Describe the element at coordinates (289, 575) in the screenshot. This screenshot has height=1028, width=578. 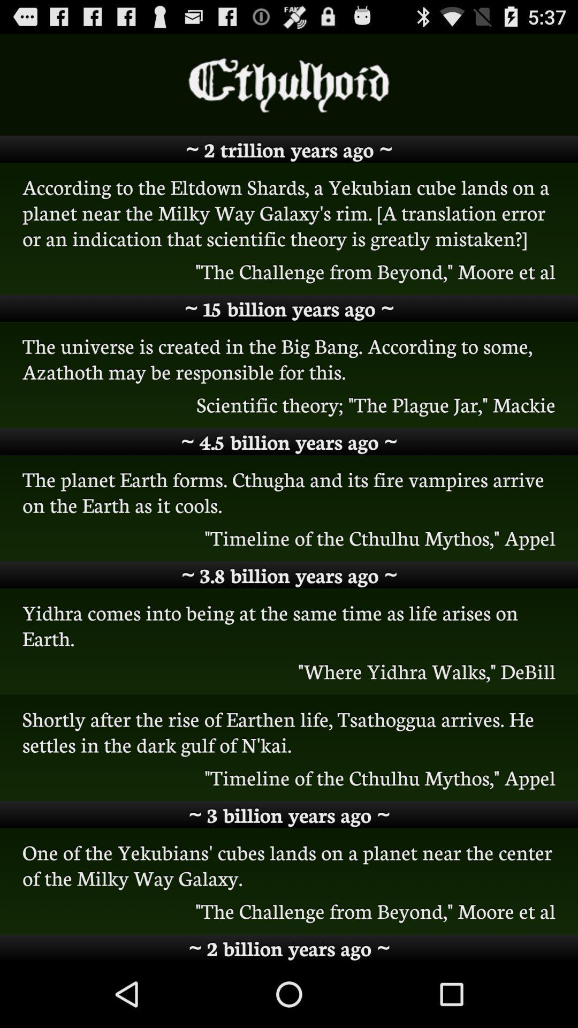
I see `the icon above yidhra comes into` at that location.